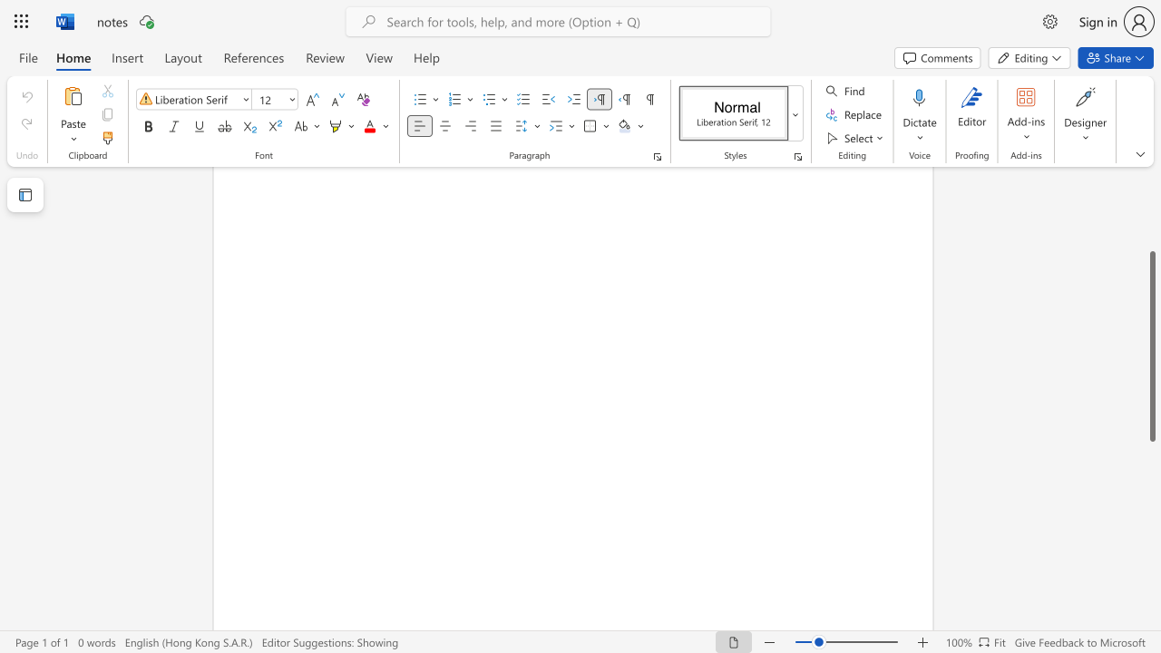  I want to click on the scrollbar to scroll the page up, so click(1151, 207).